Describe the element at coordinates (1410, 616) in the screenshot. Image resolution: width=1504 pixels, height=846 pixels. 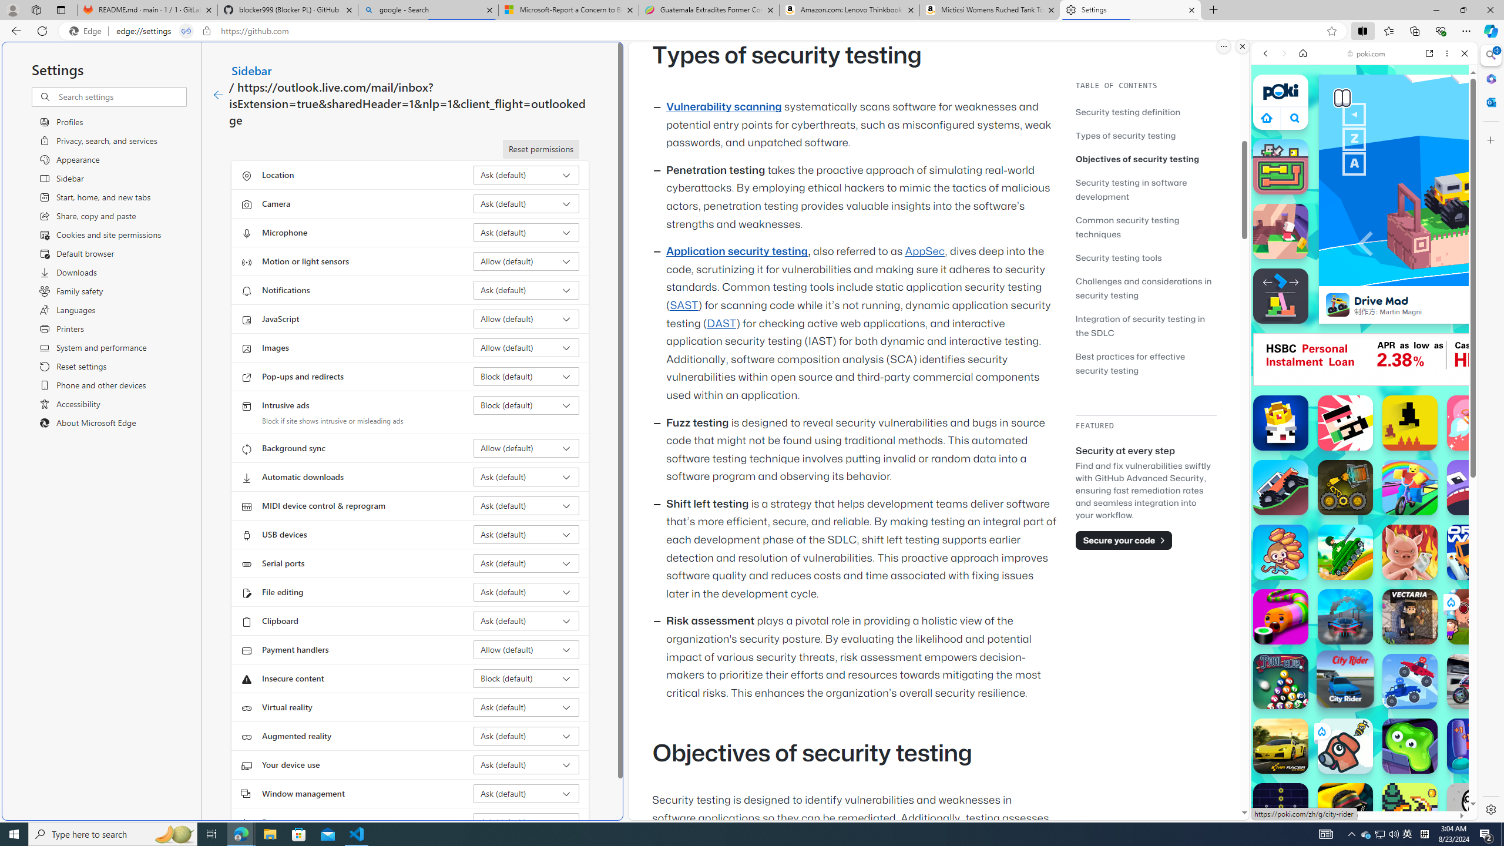
I see `'Vectaria.io'` at that location.